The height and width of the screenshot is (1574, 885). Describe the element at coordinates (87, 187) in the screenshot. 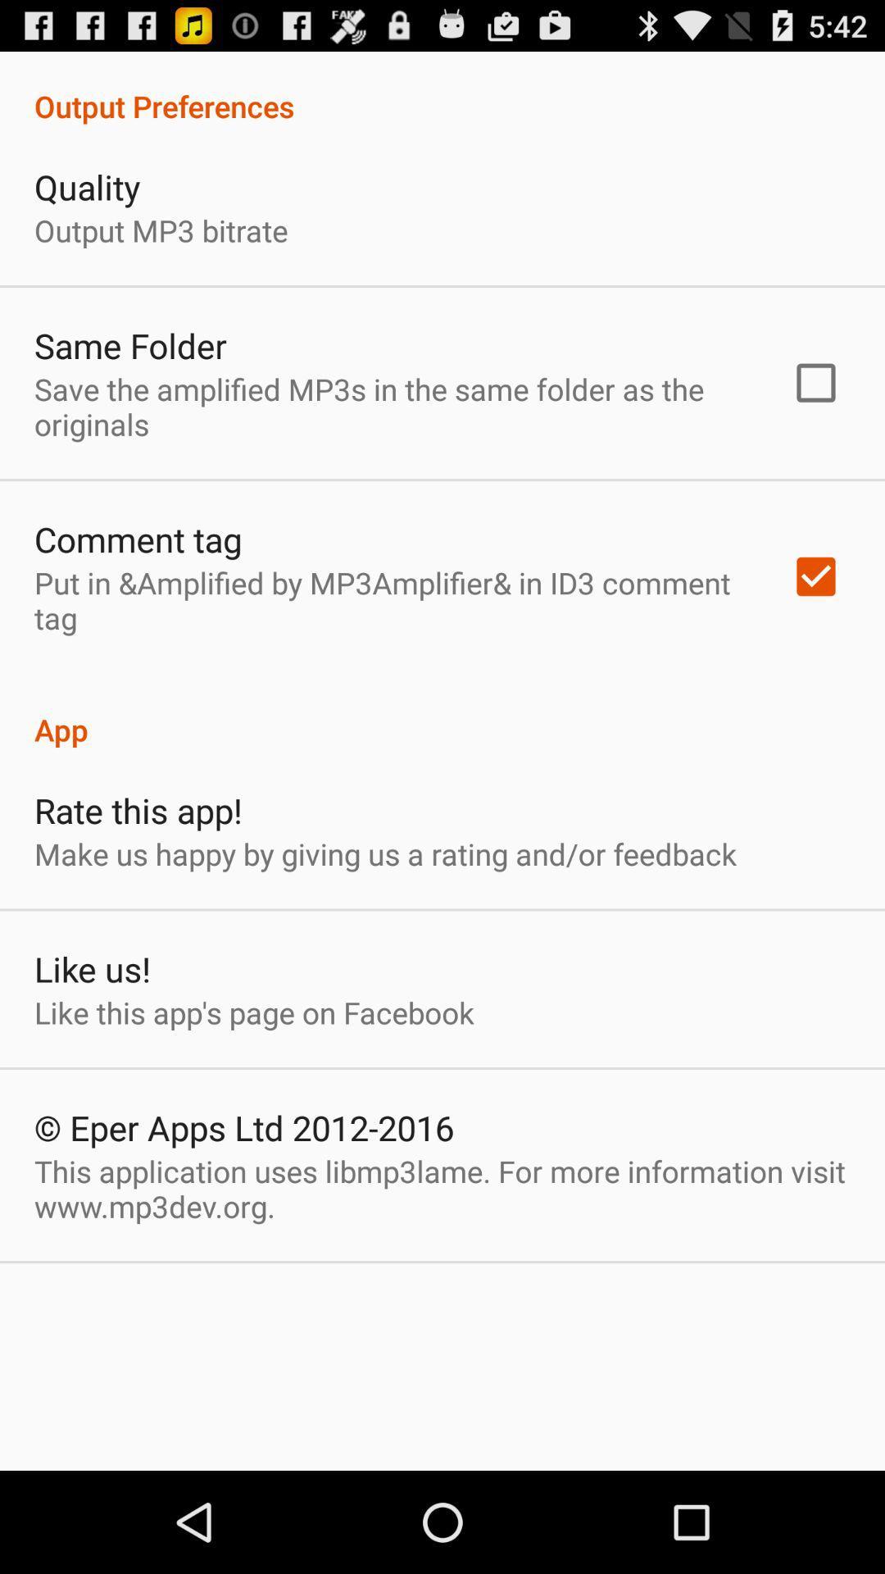

I see `quality item` at that location.